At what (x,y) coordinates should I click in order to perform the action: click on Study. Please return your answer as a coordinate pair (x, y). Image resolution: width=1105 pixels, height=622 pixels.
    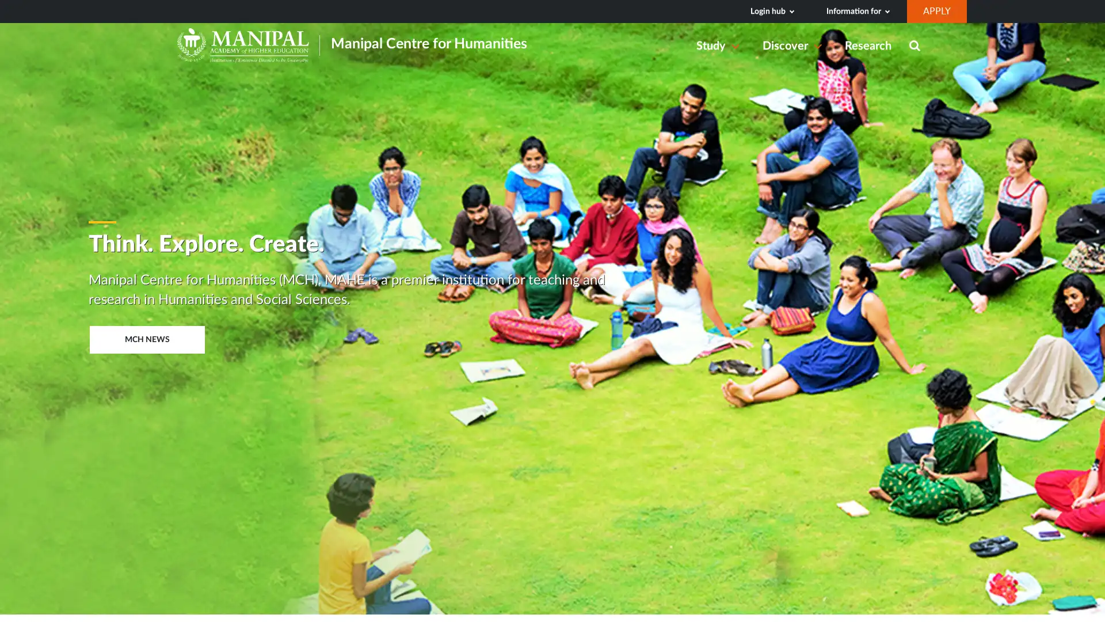
    Looking at the image, I should click on (720, 45).